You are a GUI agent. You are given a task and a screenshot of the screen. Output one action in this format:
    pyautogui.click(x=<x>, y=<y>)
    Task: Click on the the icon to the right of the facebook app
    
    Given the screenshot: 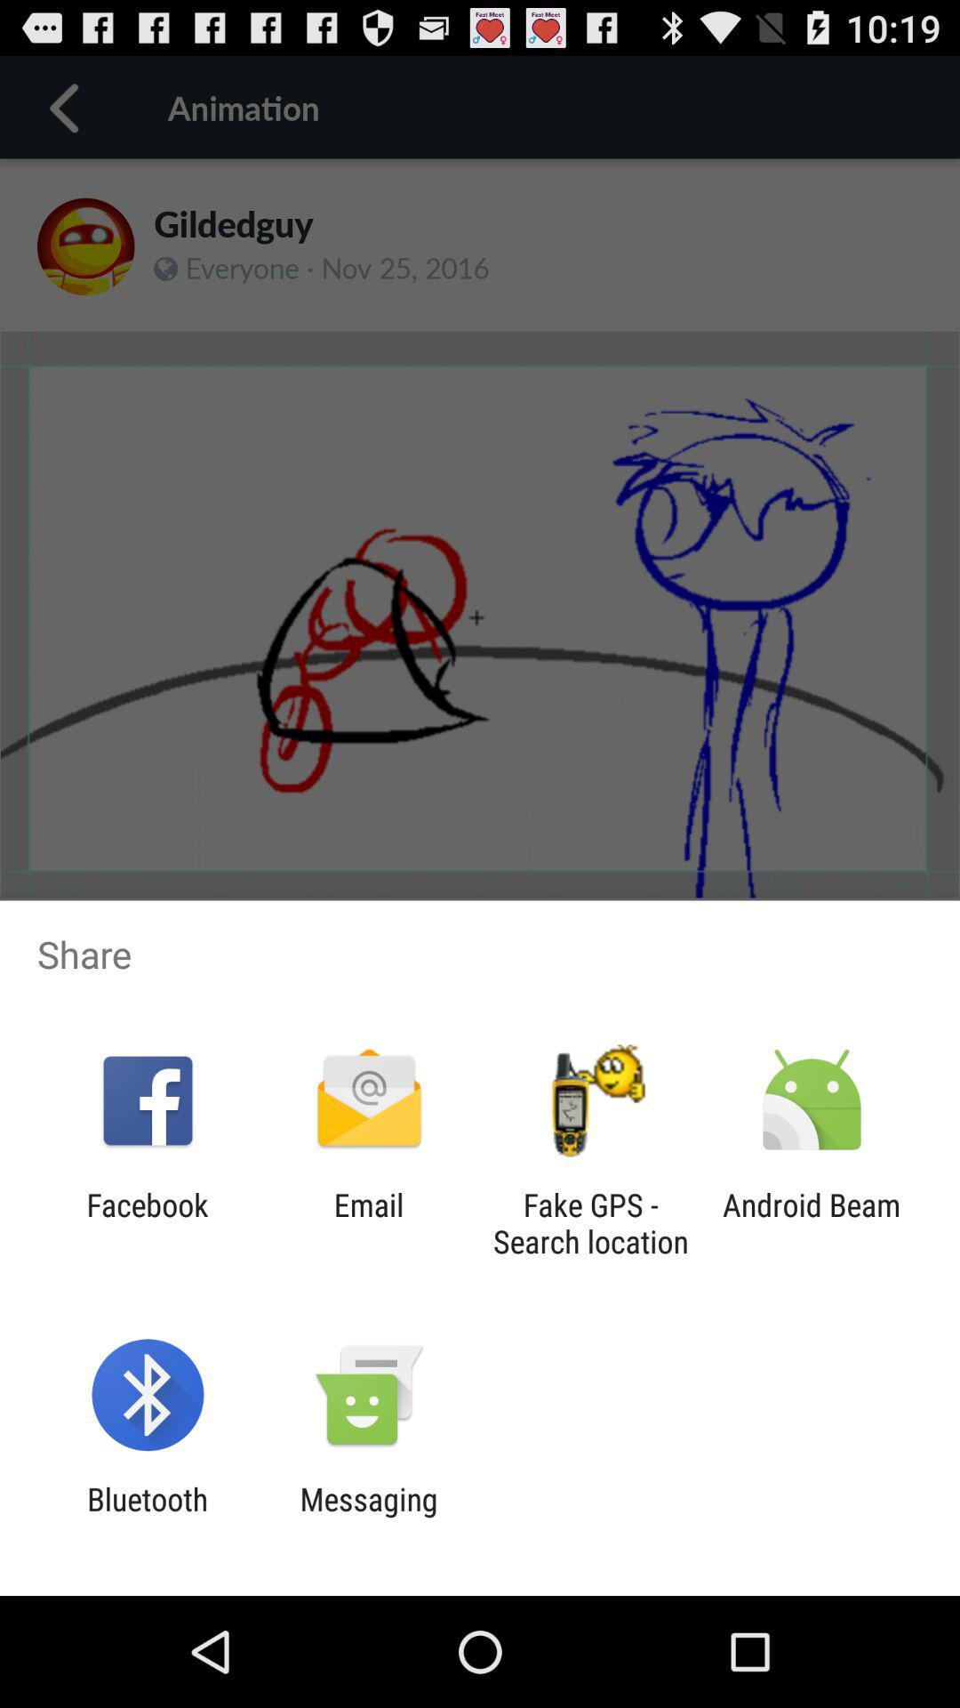 What is the action you would take?
    pyautogui.click(x=368, y=1222)
    